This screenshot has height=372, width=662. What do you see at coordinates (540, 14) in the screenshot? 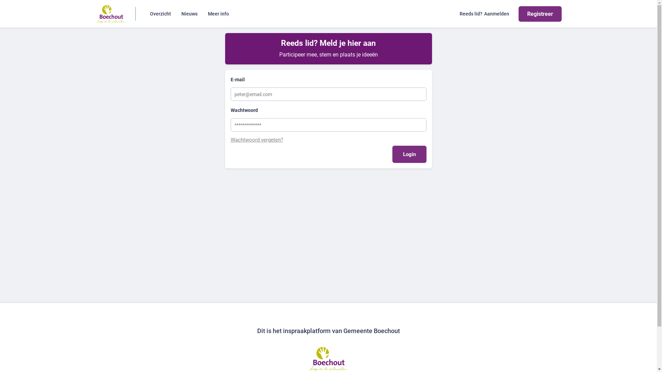
I see `'Registreer'` at bounding box center [540, 14].